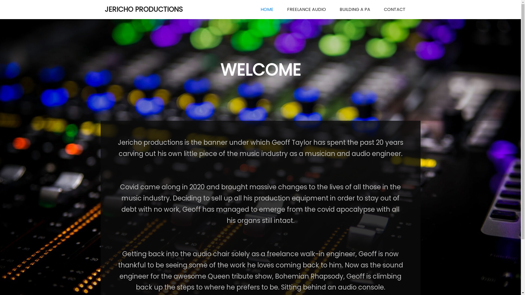  What do you see at coordinates (132, 9) in the screenshot?
I see `'JERICHO PRODUCTIONS'` at bounding box center [132, 9].